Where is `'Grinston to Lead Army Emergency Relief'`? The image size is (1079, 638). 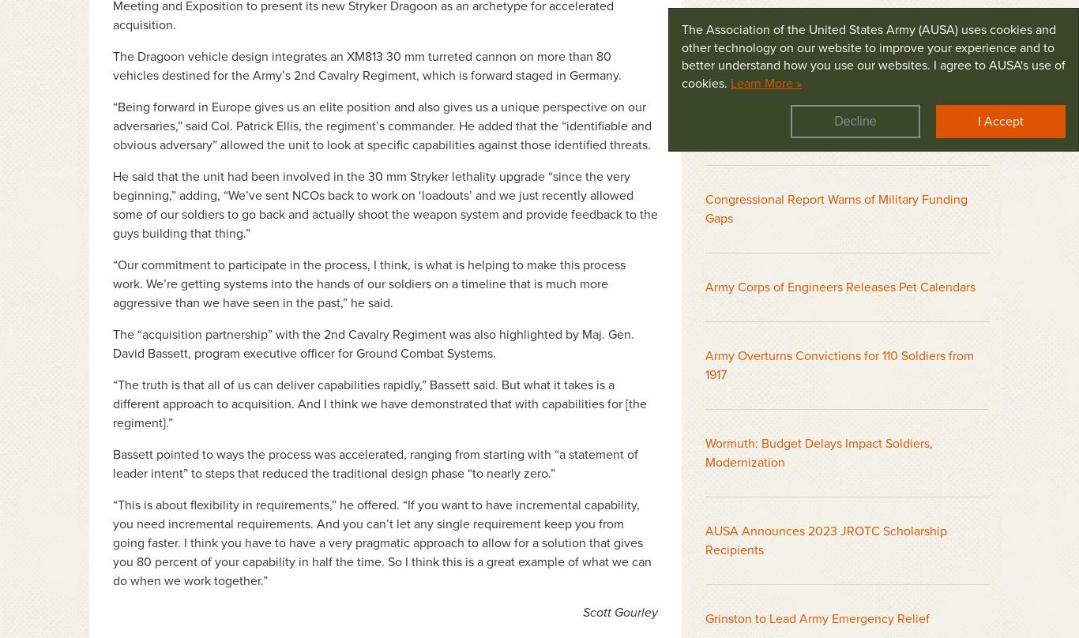
'Grinston to Lead Army Emergency Relief' is located at coordinates (817, 617).